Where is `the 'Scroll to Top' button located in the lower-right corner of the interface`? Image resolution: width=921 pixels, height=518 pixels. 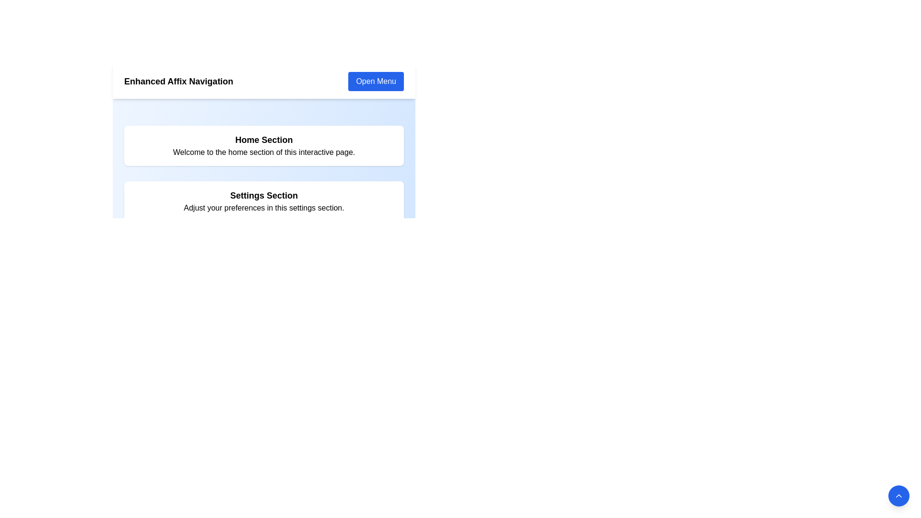
the 'Scroll to Top' button located in the lower-right corner of the interface is located at coordinates (898, 495).